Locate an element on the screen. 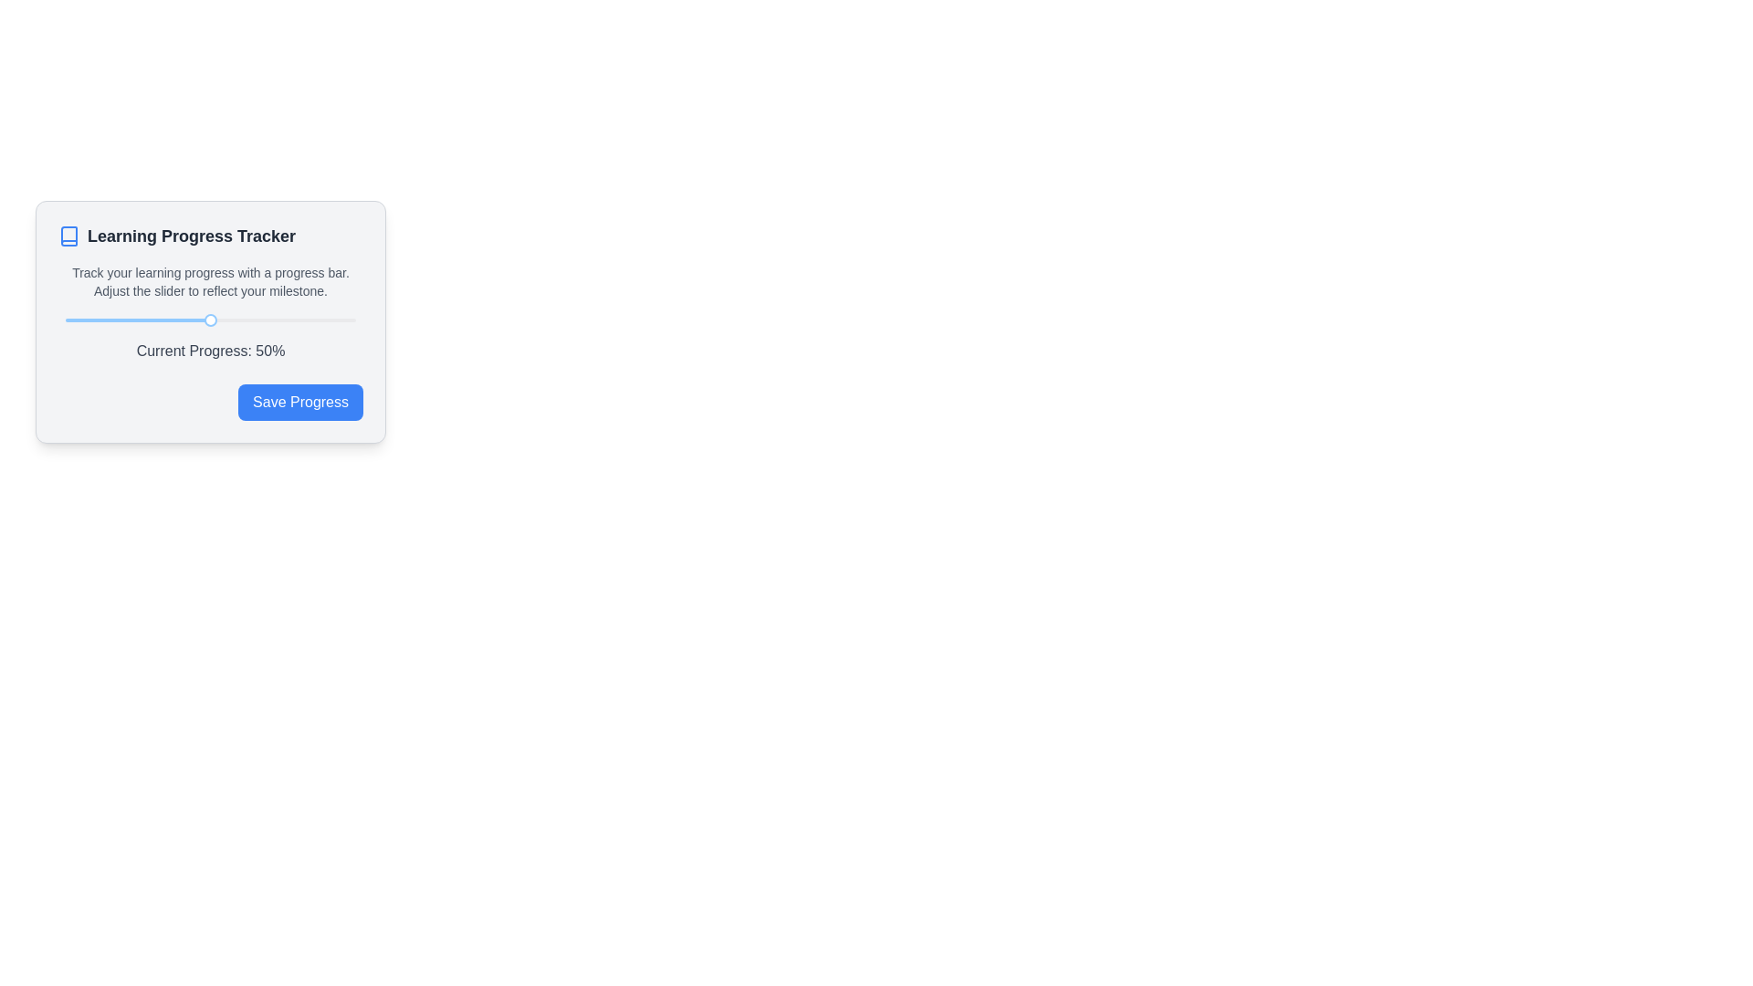 This screenshot has height=986, width=1753. the text label 'Learning Progress Tracker' which is styled with a bold font and dark gray color, located in the upper part of the card layout, adjacent to an icon is located at coordinates (192, 235).